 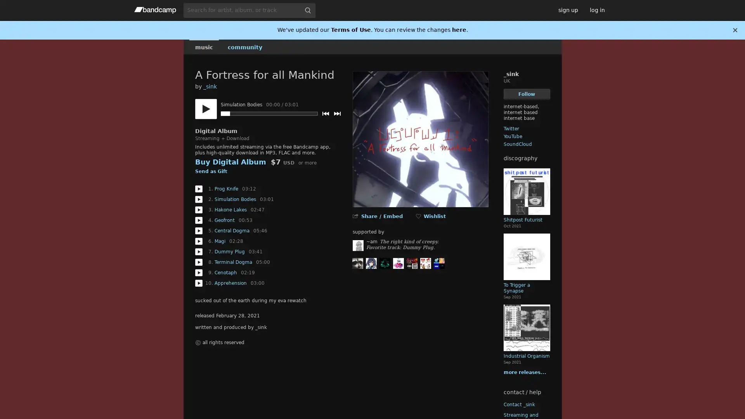 What do you see at coordinates (337, 114) in the screenshot?
I see `Next track` at bounding box center [337, 114].